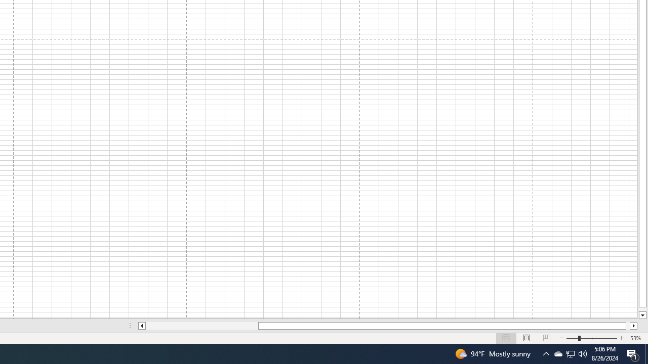 This screenshot has width=648, height=364. What do you see at coordinates (591, 338) in the screenshot?
I see `'Zoom'` at bounding box center [591, 338].